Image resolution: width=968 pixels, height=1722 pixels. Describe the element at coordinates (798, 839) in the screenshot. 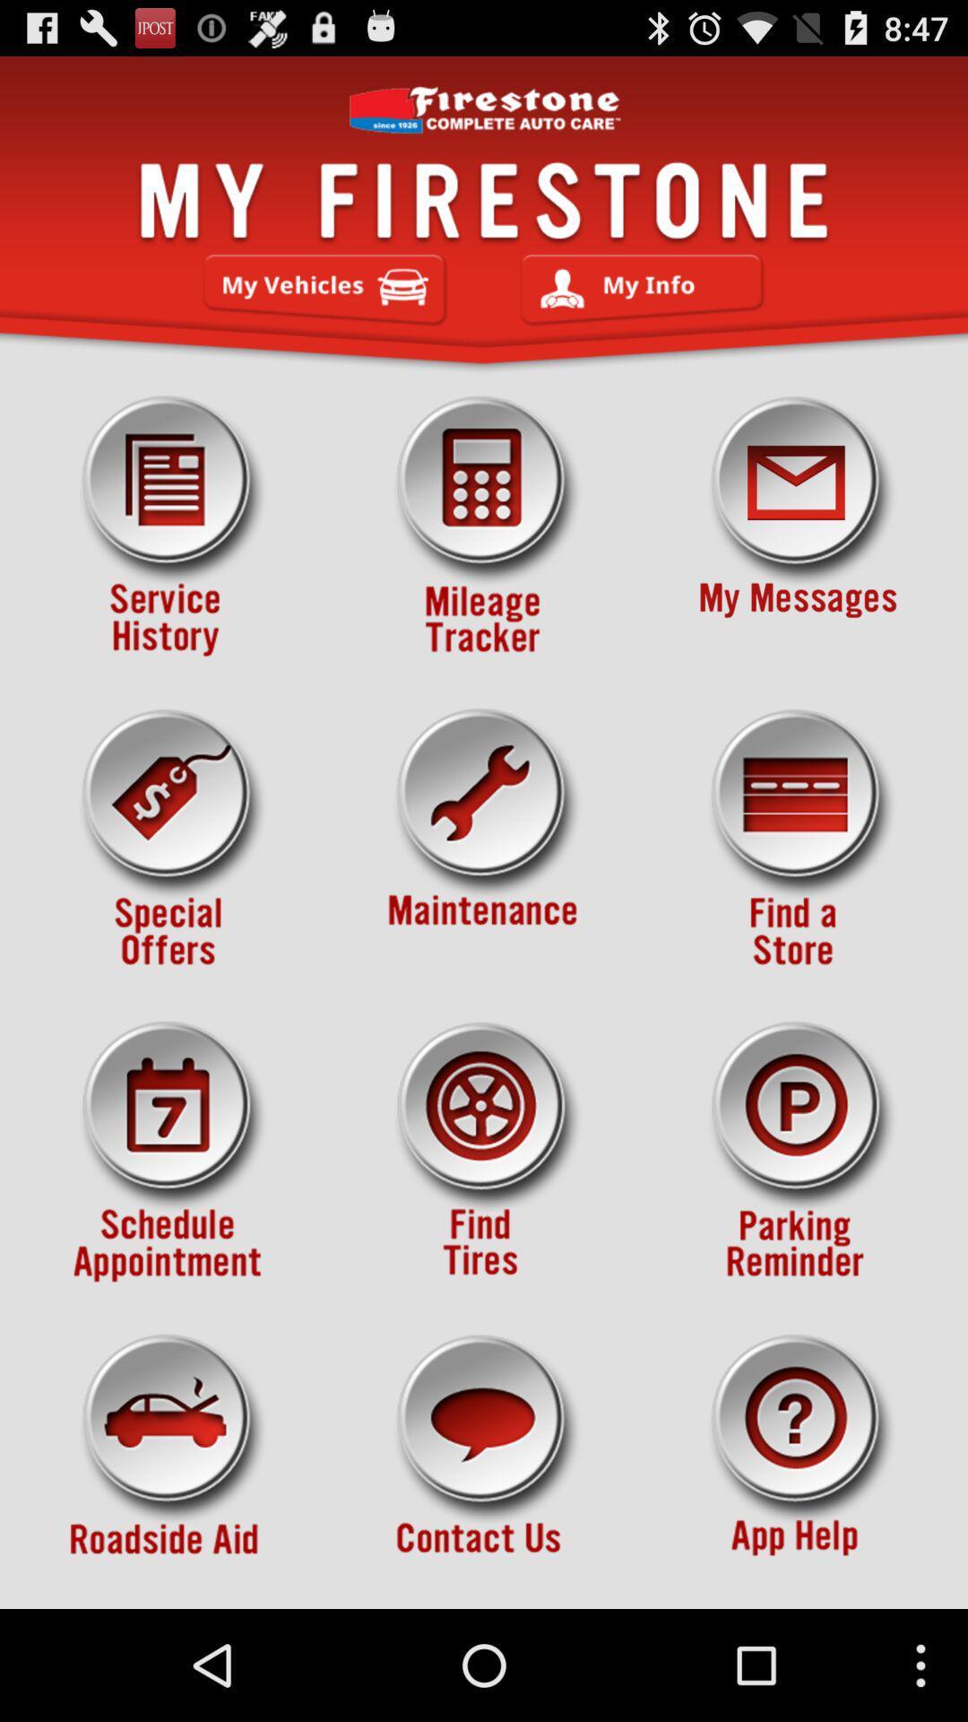

I see `search for store` at that location.